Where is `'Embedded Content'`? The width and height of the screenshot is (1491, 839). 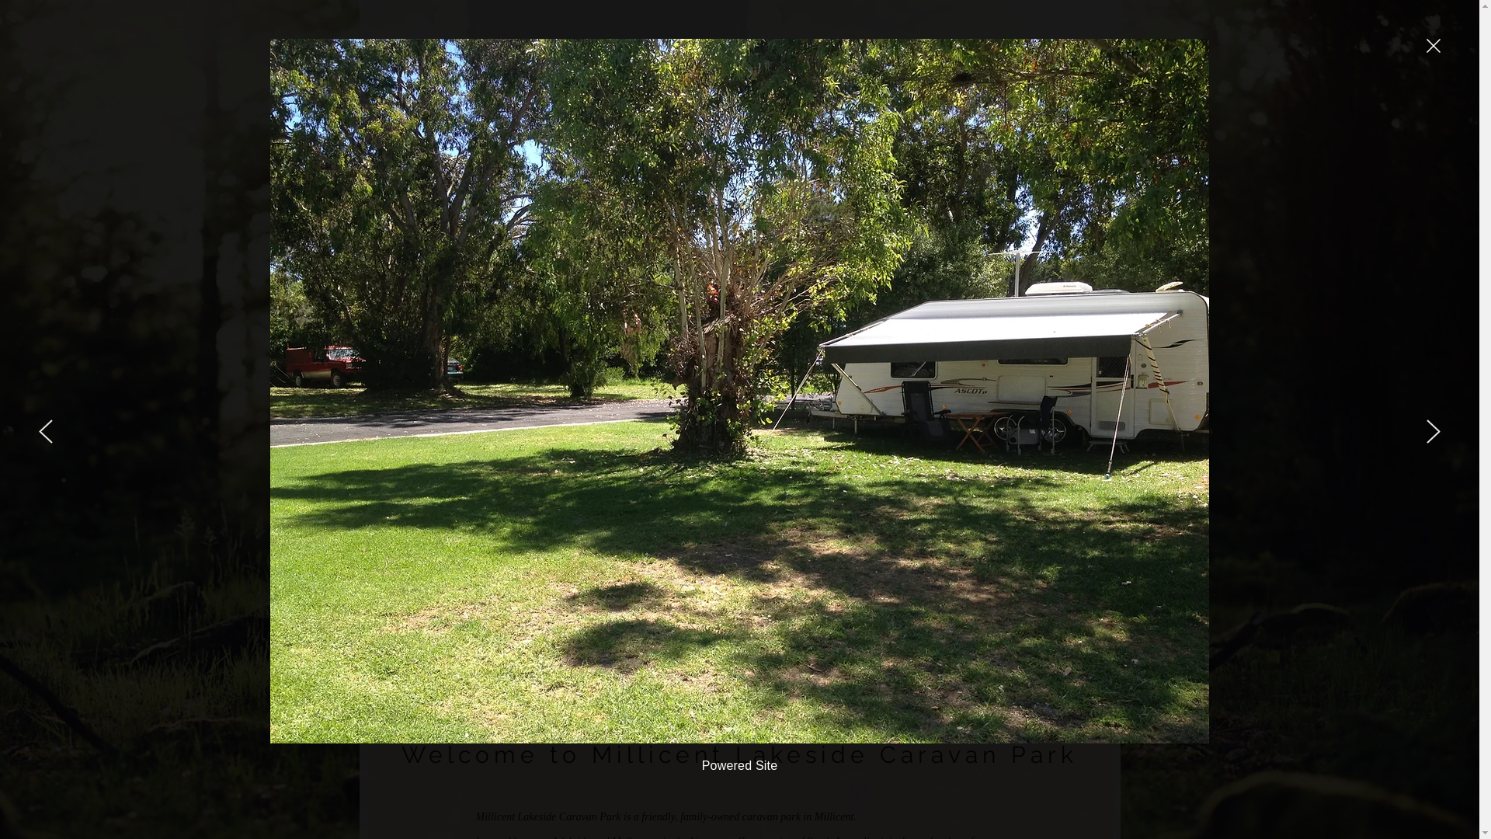 'Embedded Content' is located at coordinates (706, 110).